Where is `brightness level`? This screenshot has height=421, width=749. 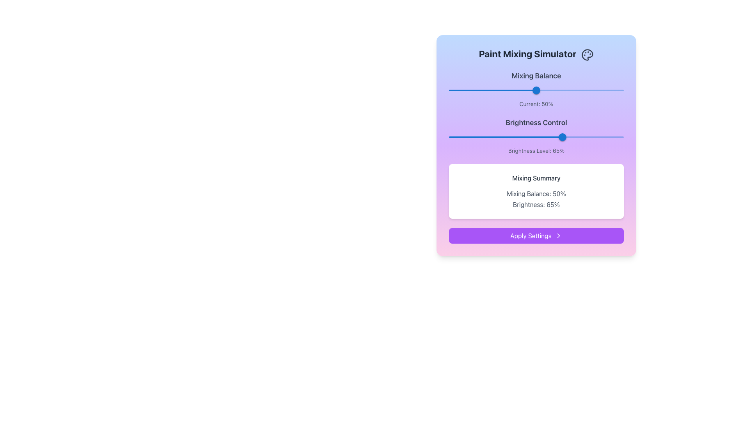
brightness level is located at coordinates (466, 136).